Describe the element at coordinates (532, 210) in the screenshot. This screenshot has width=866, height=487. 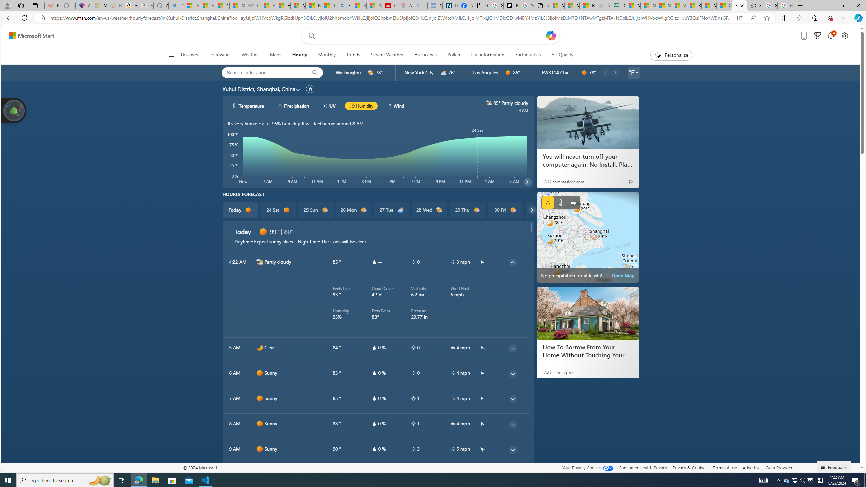
I see `'common/carouselChevron'` at that location.